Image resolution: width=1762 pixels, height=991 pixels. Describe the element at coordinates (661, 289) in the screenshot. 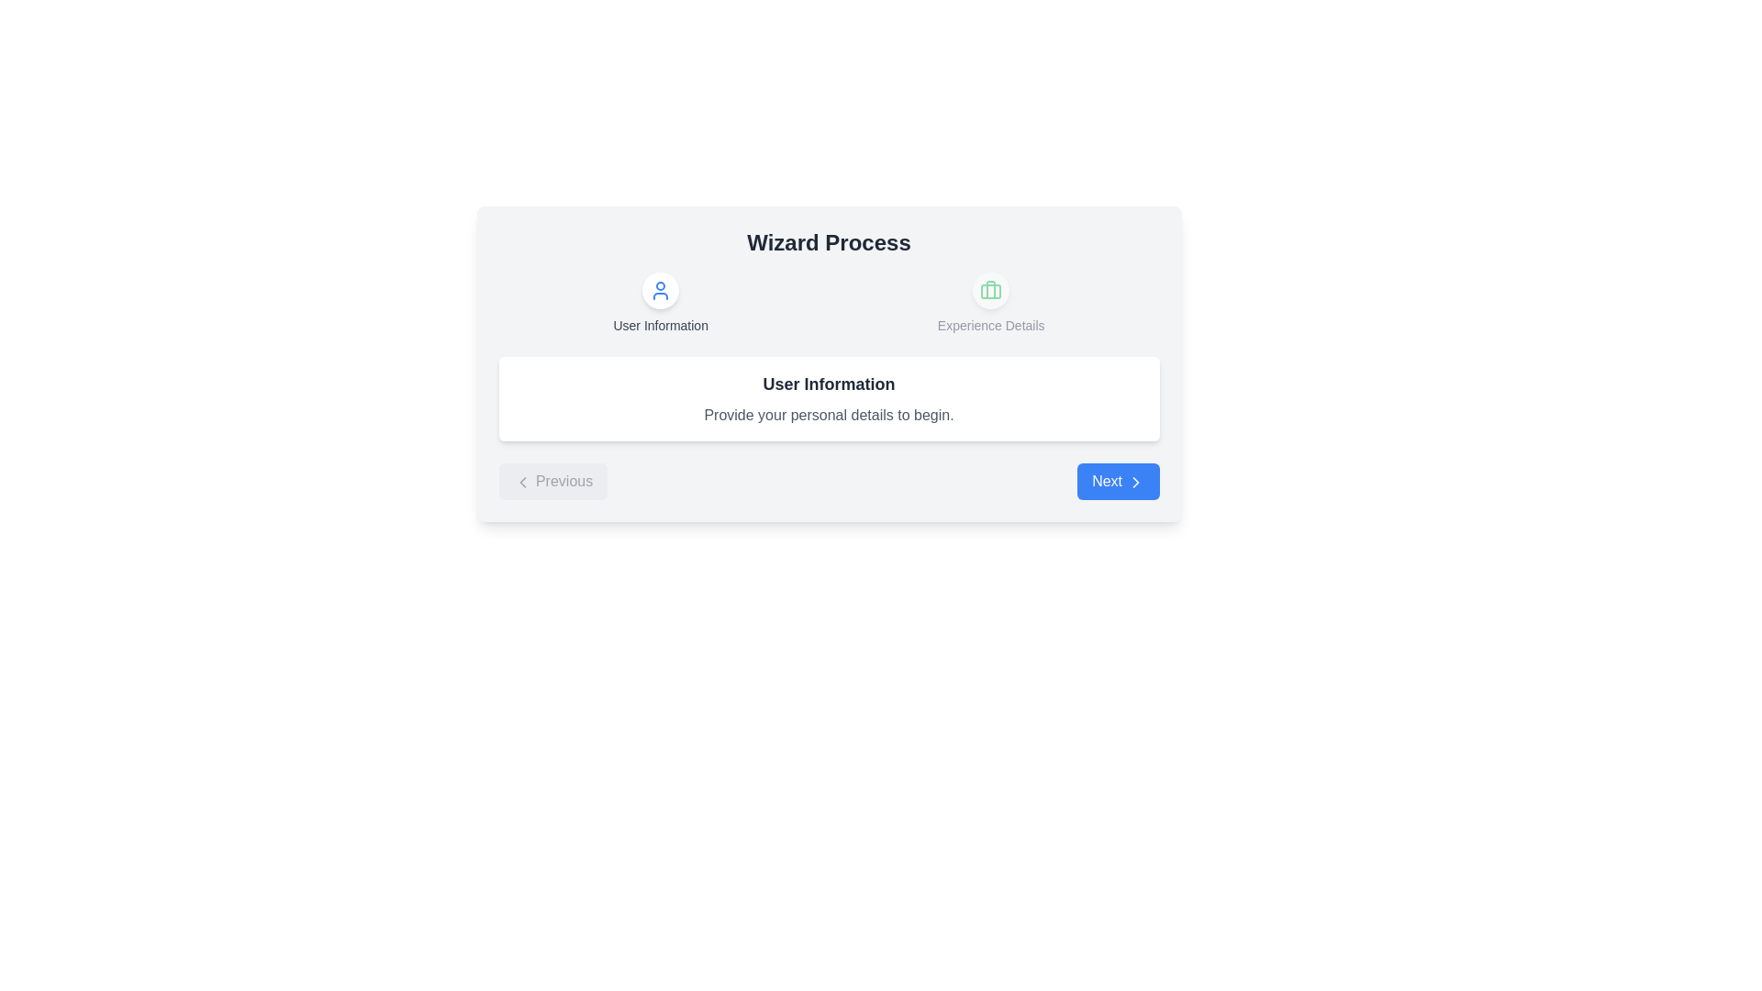

I see `the blue-colored user icon with a circular profile image representation, which is located on the left side of the header section of the wizard process interface` at that location.